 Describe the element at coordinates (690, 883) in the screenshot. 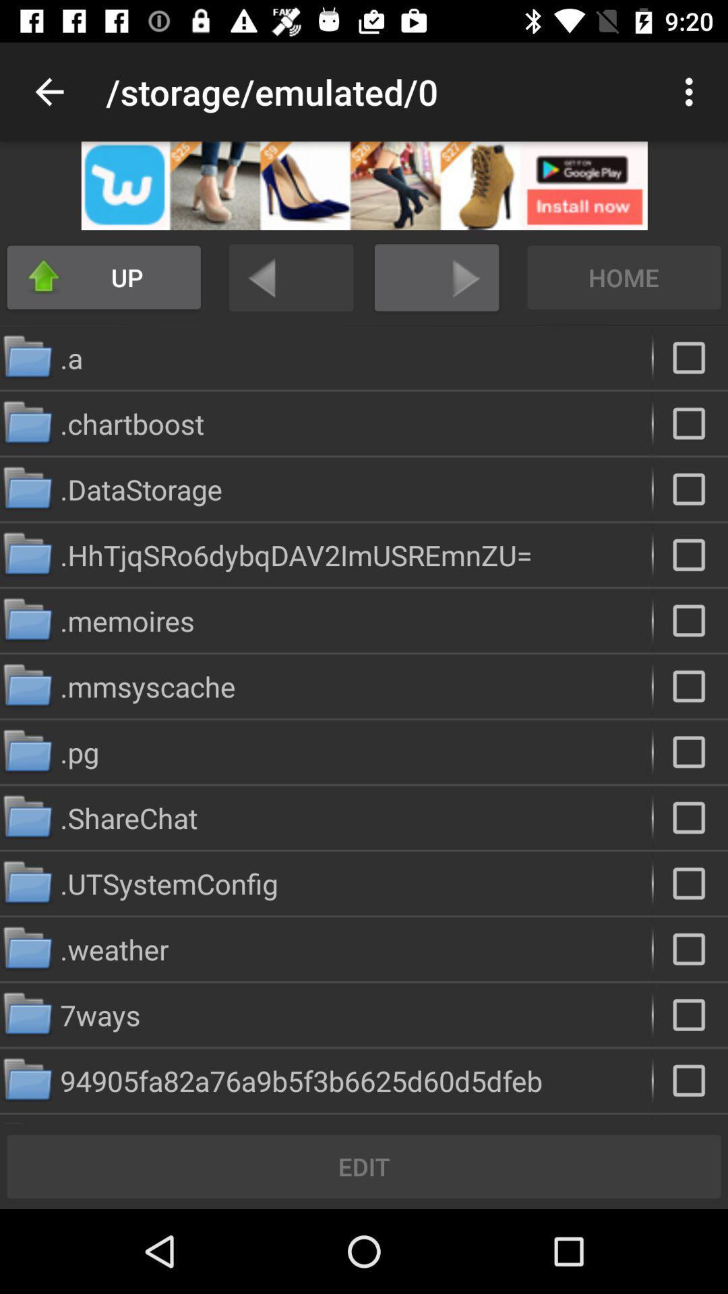

I see `folder selected` at that location.